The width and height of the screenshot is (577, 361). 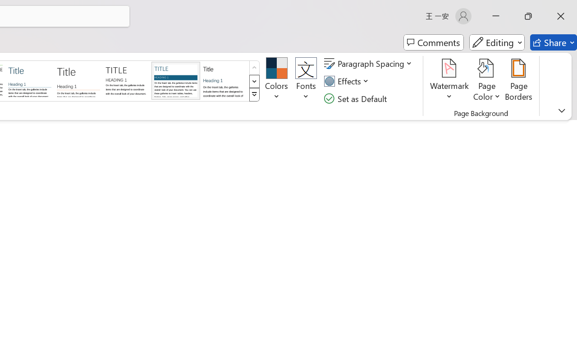 I want to click on 'Row up', so click(x=254, y=68).